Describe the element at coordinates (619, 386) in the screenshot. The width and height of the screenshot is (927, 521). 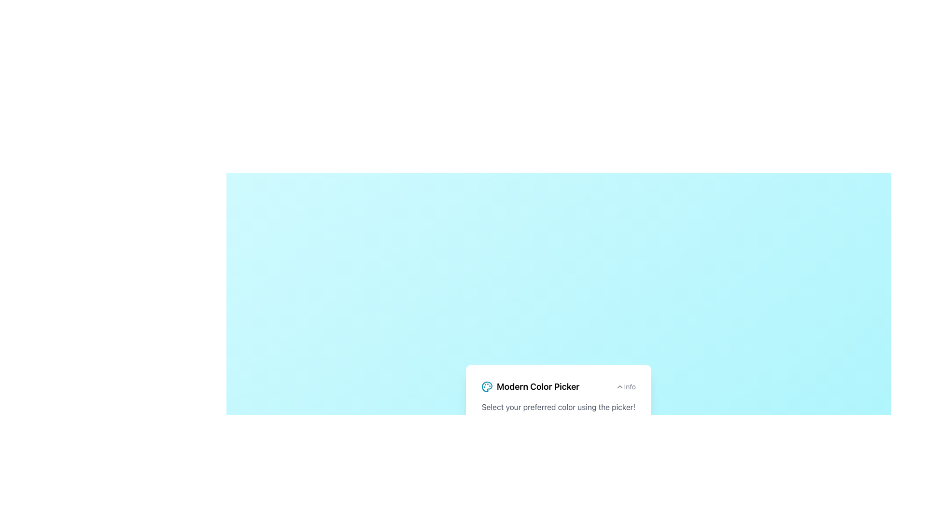
I see `the upward-pointing triangular icon adjacent to the text 'Info' within the 'Modern Color Picker' card` at that location.